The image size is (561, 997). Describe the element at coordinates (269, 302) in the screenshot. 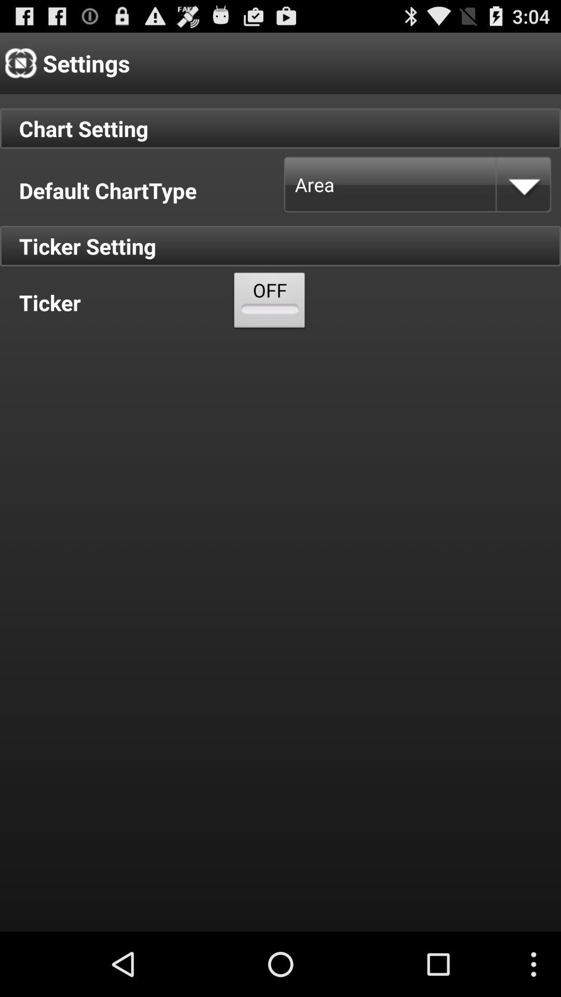

I see `the icon below the default charttype item` at that location.